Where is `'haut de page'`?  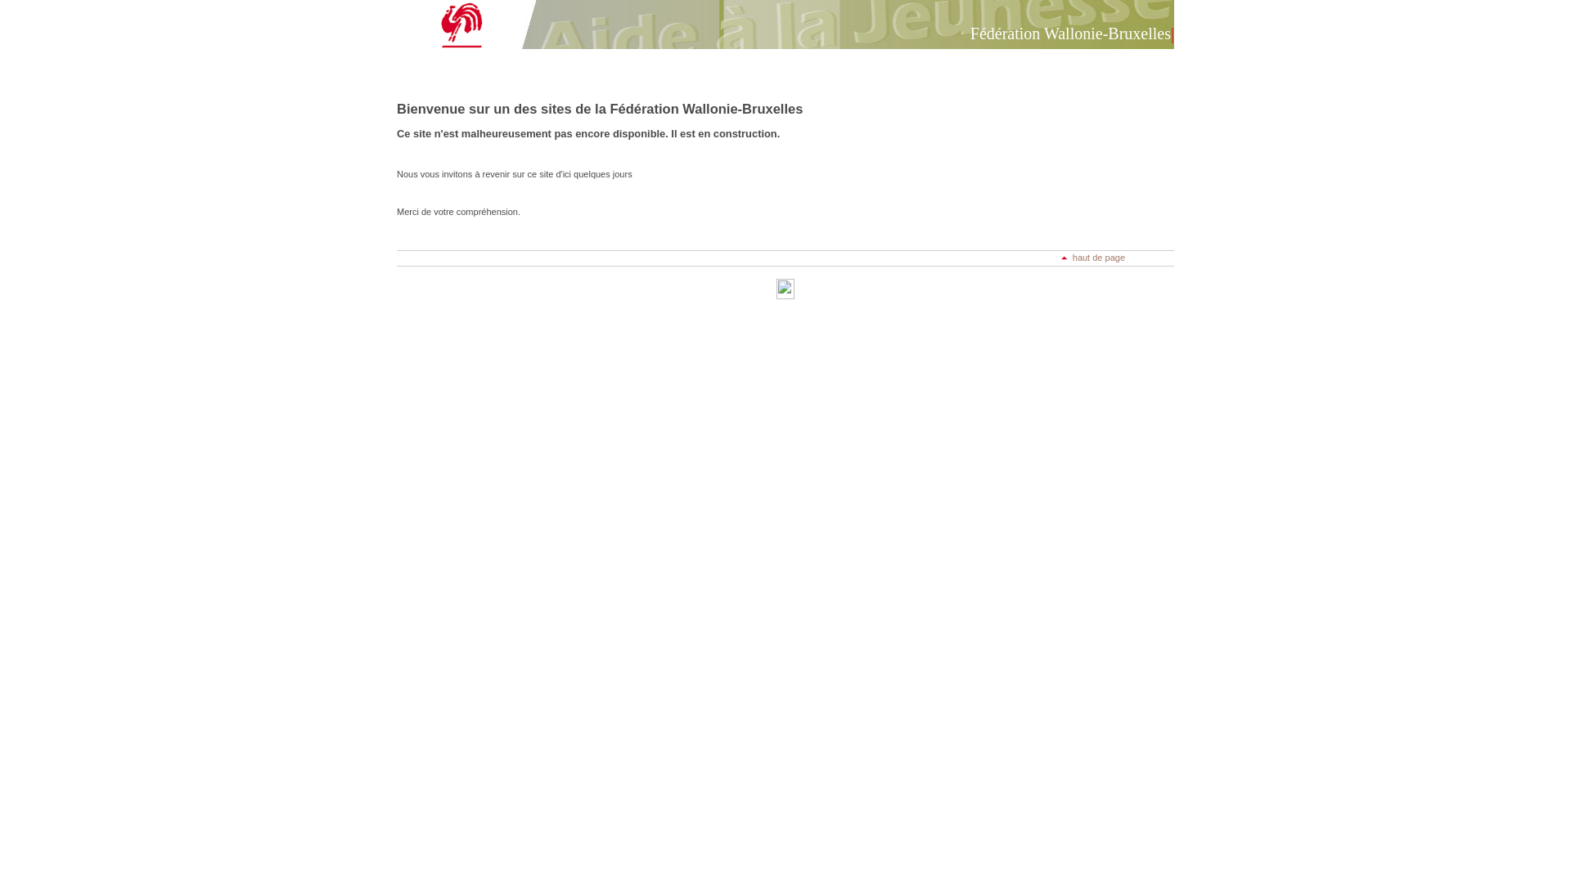 'haut de page' is located at coordinates (1092, 258).